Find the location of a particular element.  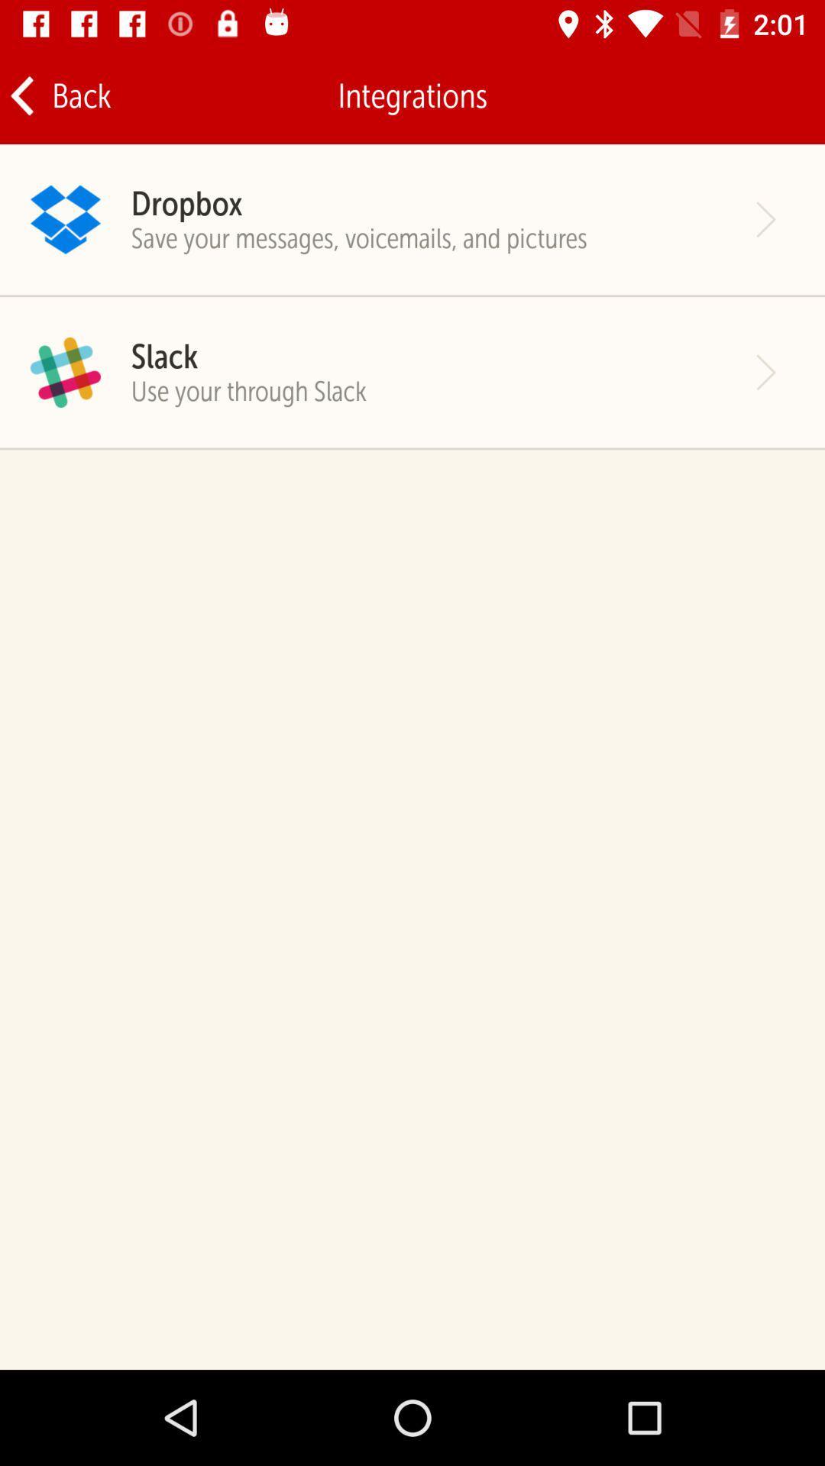

use your through is located at coordinates (247, 391).